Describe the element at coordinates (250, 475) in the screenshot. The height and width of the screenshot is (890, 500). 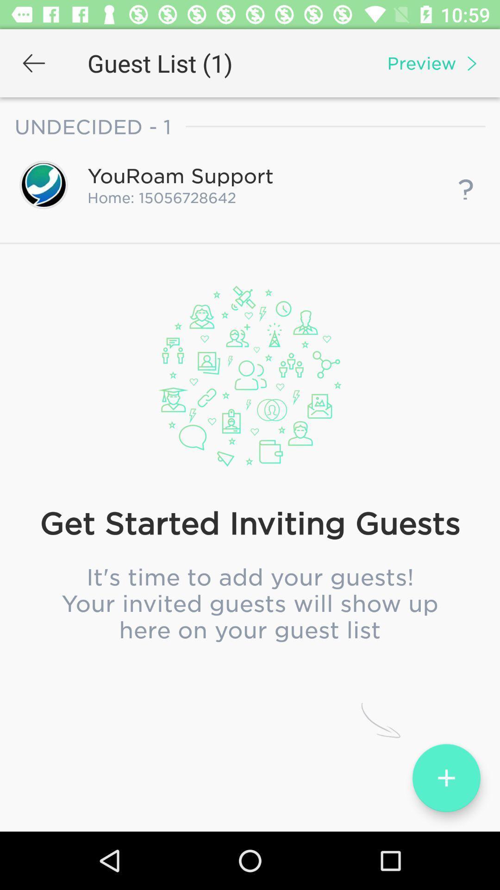
I see `icon below the optional end date icon` at that location.